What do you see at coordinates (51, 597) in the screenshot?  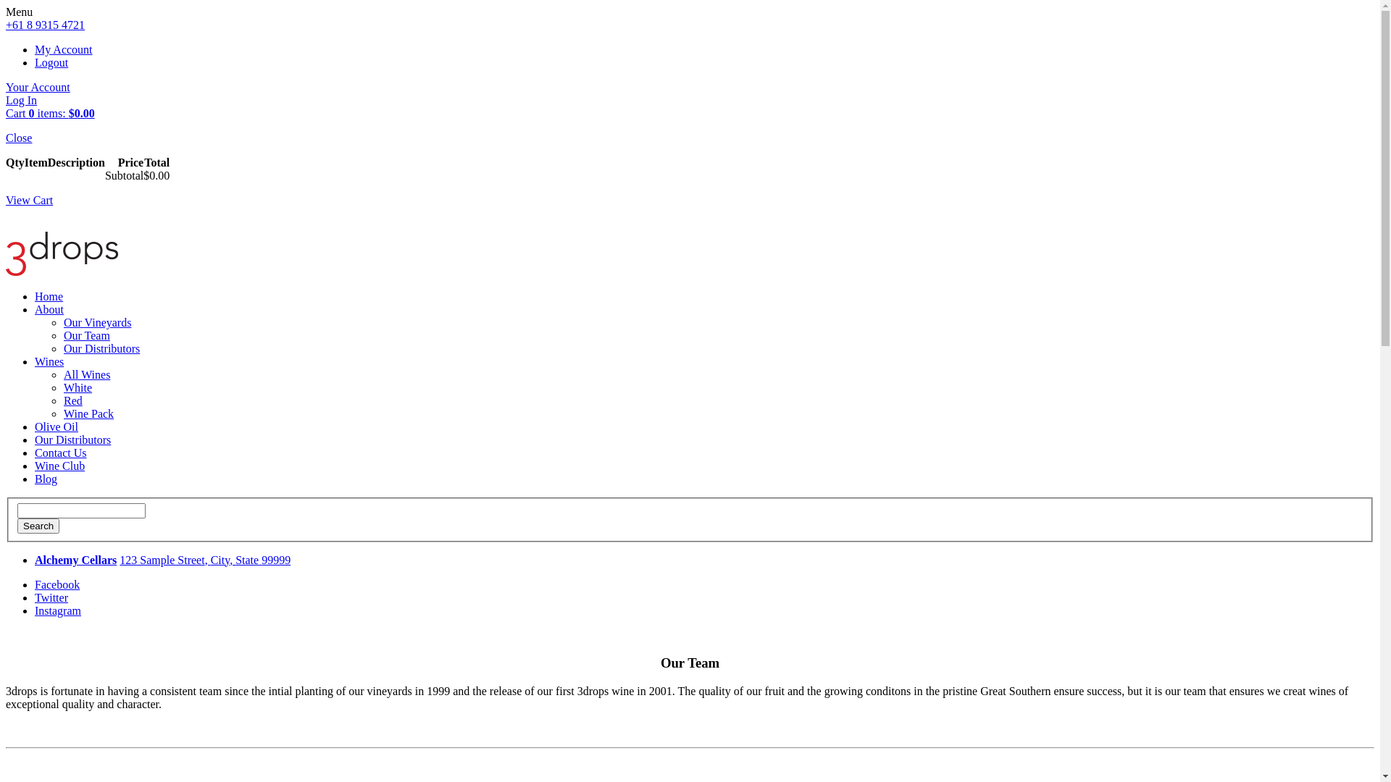 I see `'Twitter'` at bounding box center [51, 597].